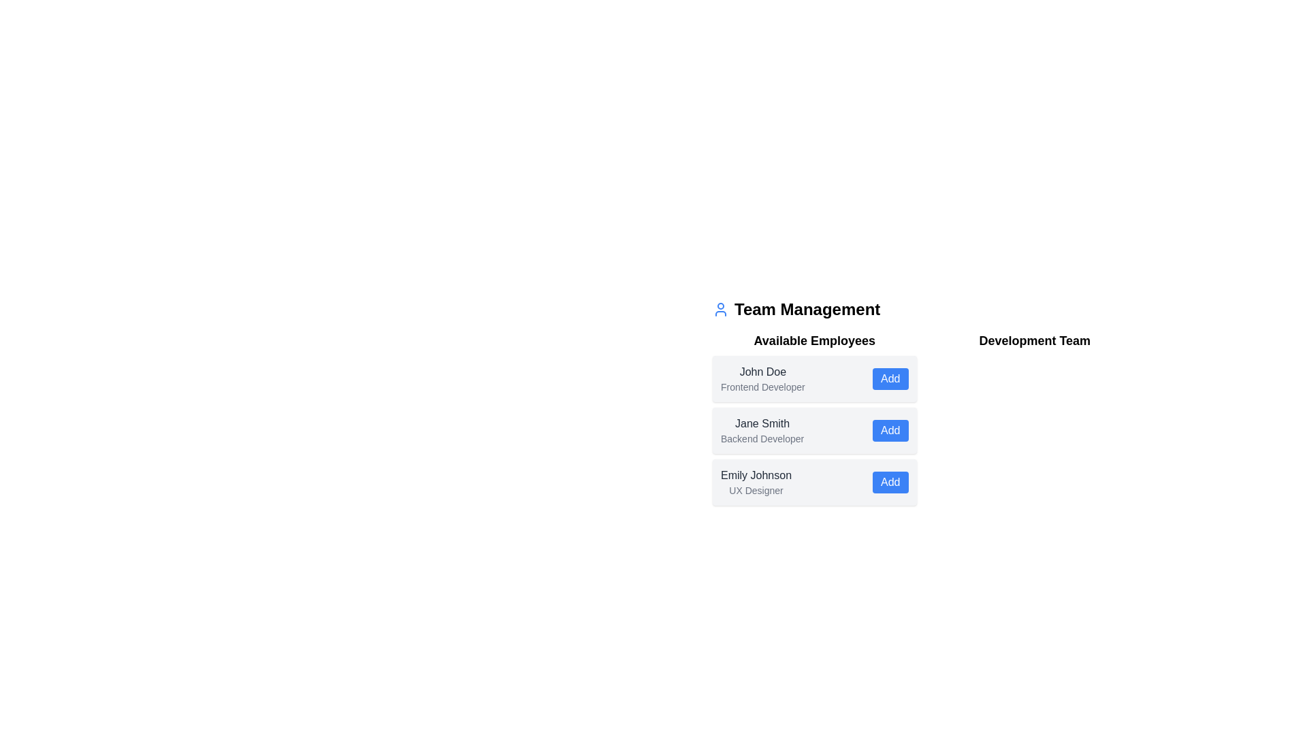 This screenshot has width=1307, height=735. Describe the element at coordinates (814, 378) in the screenshot. I see `the user profile entry card located in the 'Available Employees' section of the 'Team Management' interface` at that location.